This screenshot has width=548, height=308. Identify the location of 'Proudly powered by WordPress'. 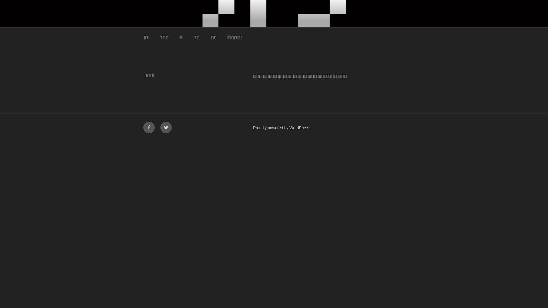
(281, 127).